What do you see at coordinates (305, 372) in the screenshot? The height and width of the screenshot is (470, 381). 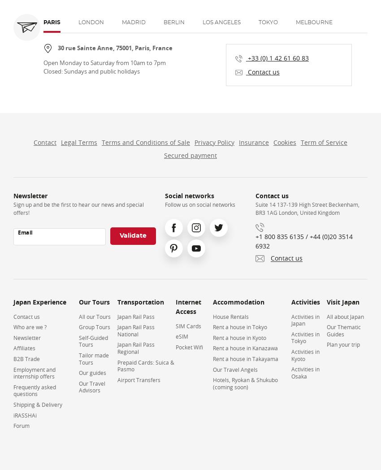 I see `'Activities in Osaka'` at bounding box center [305, 372].